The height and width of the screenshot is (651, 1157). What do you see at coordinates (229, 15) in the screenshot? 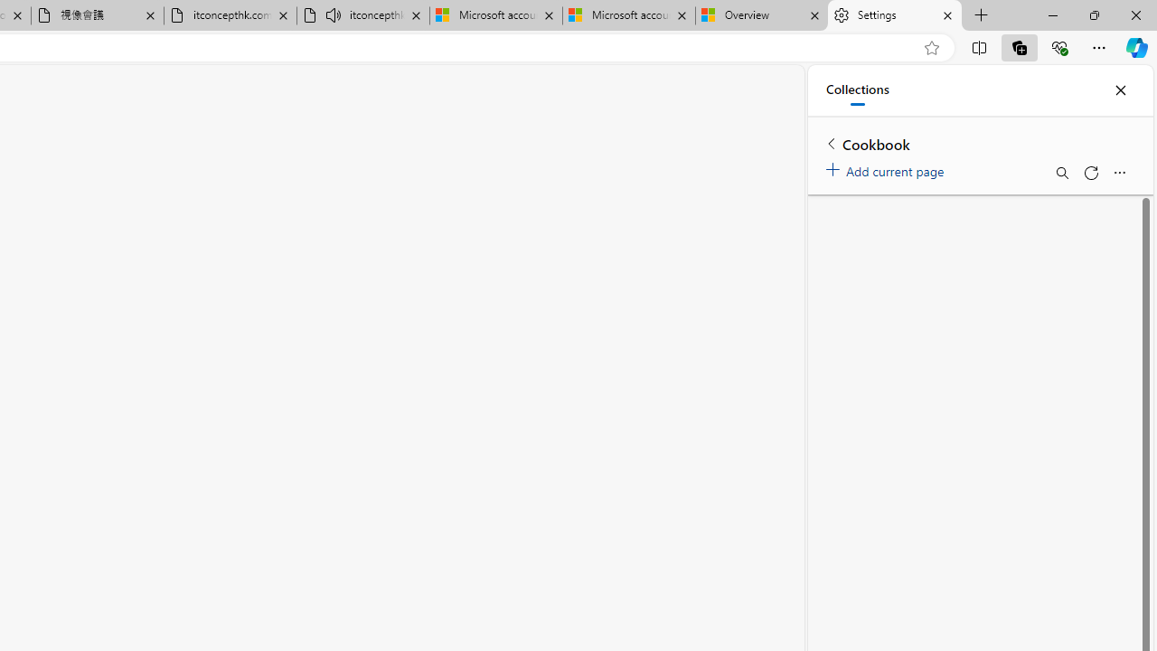
I see `'itconcepthk.com/projector_solutions.mp4'` at bounding box center [229, 15].